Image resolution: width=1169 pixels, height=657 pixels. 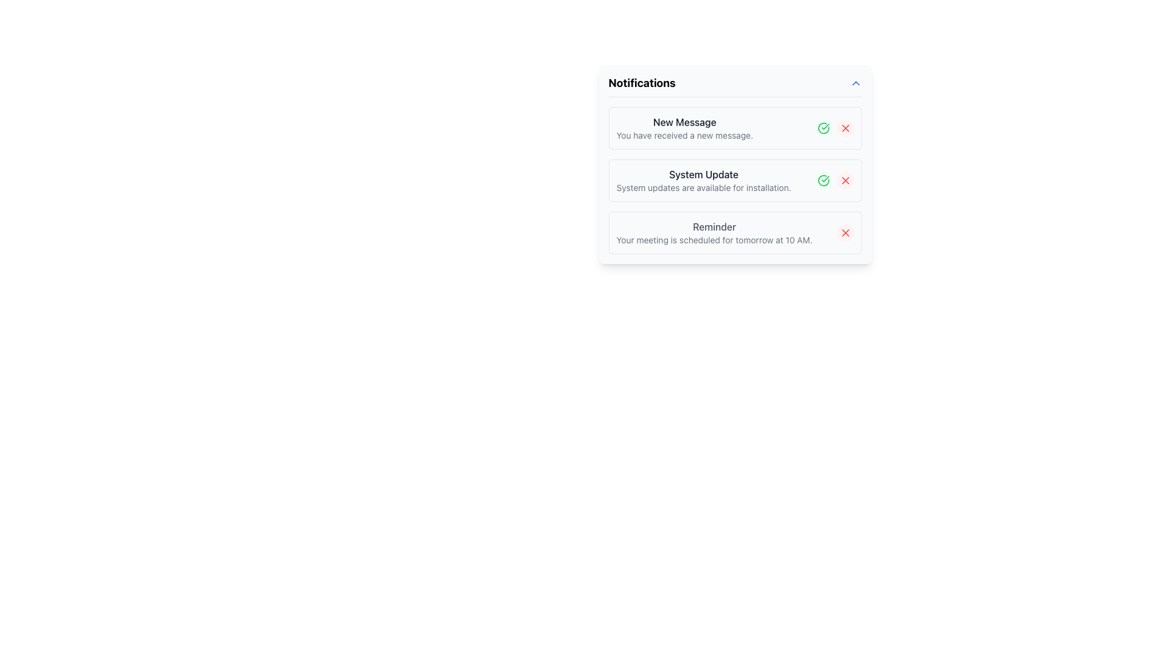 I want to click on notification displayed in the Static Text Block that shows 'System Update' and 'System updates are available for installation.', so click(x=704, y=181).